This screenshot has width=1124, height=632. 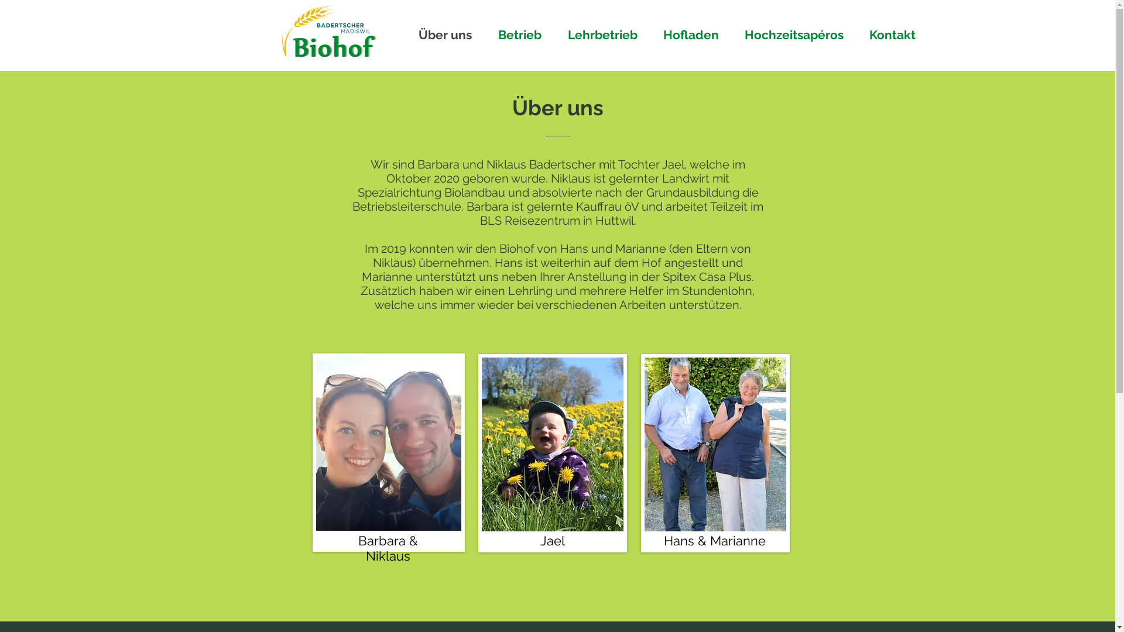 I want to click on 'Hofladen', so click(x=654, y=34).